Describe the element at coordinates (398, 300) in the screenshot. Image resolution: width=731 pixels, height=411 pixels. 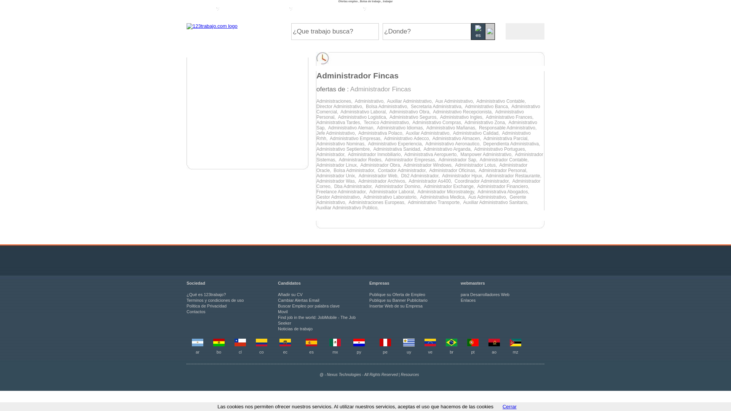
I see `'Publique su Banner Publicitario'` at that location.